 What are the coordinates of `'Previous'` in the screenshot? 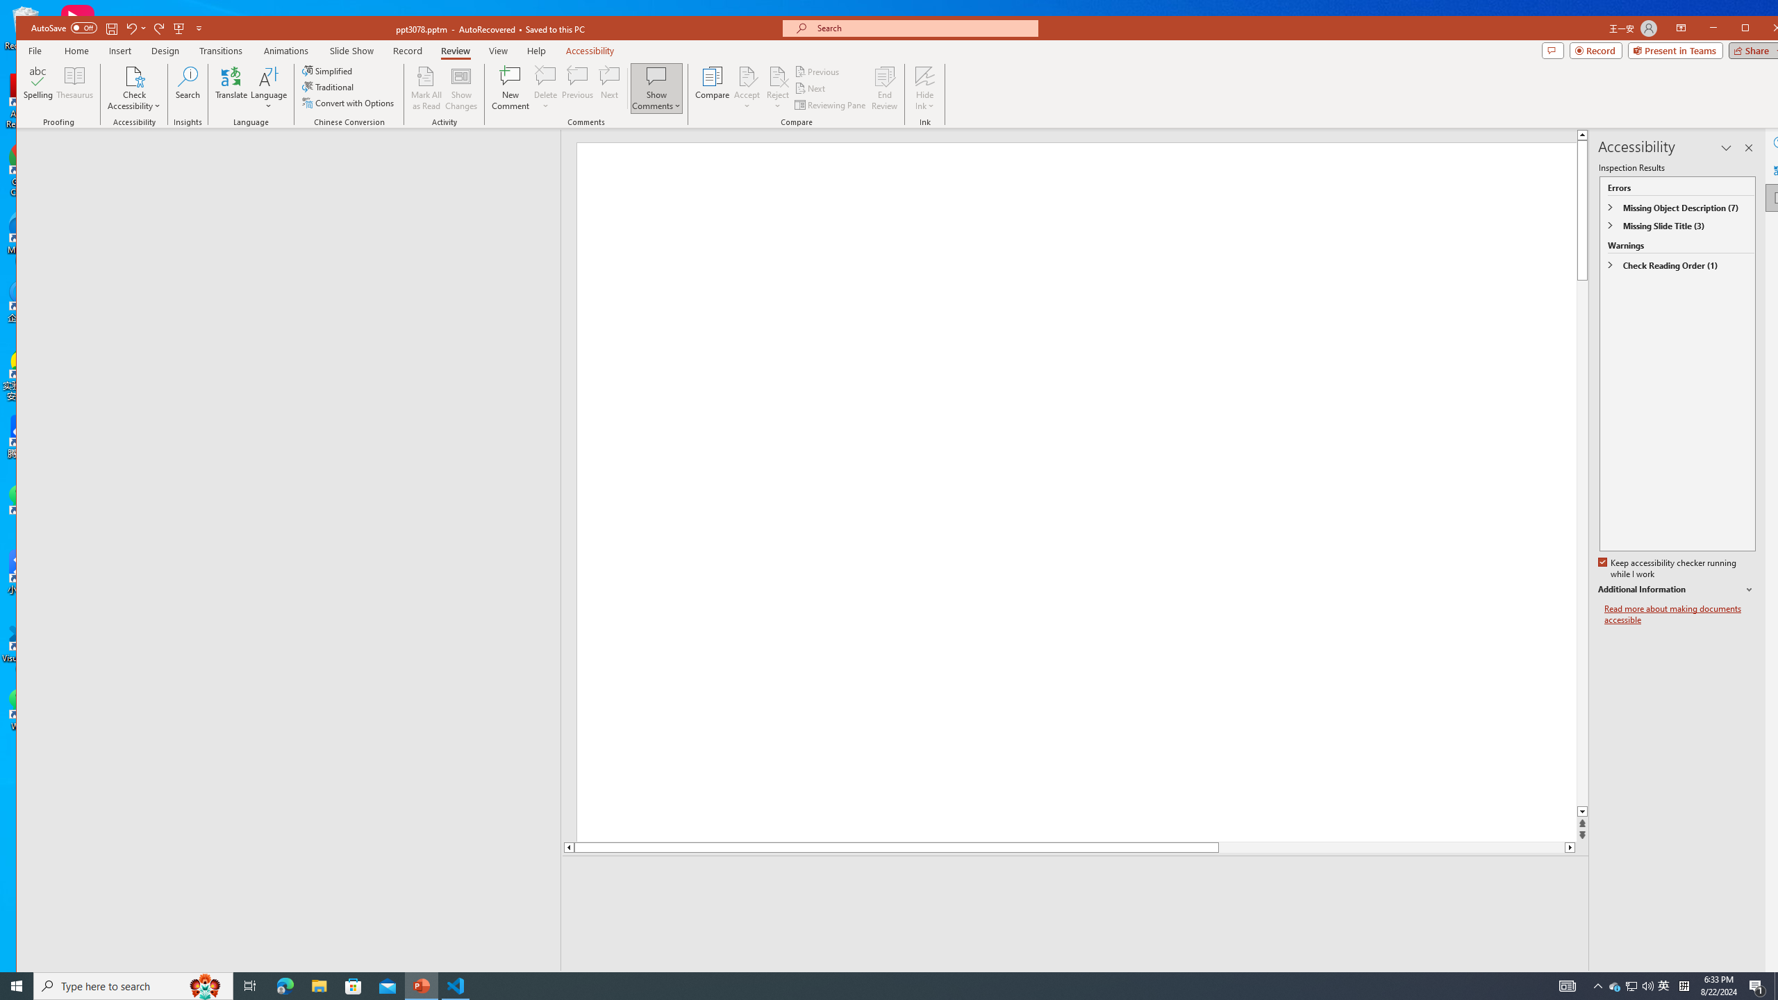 It's located at (818, 72).